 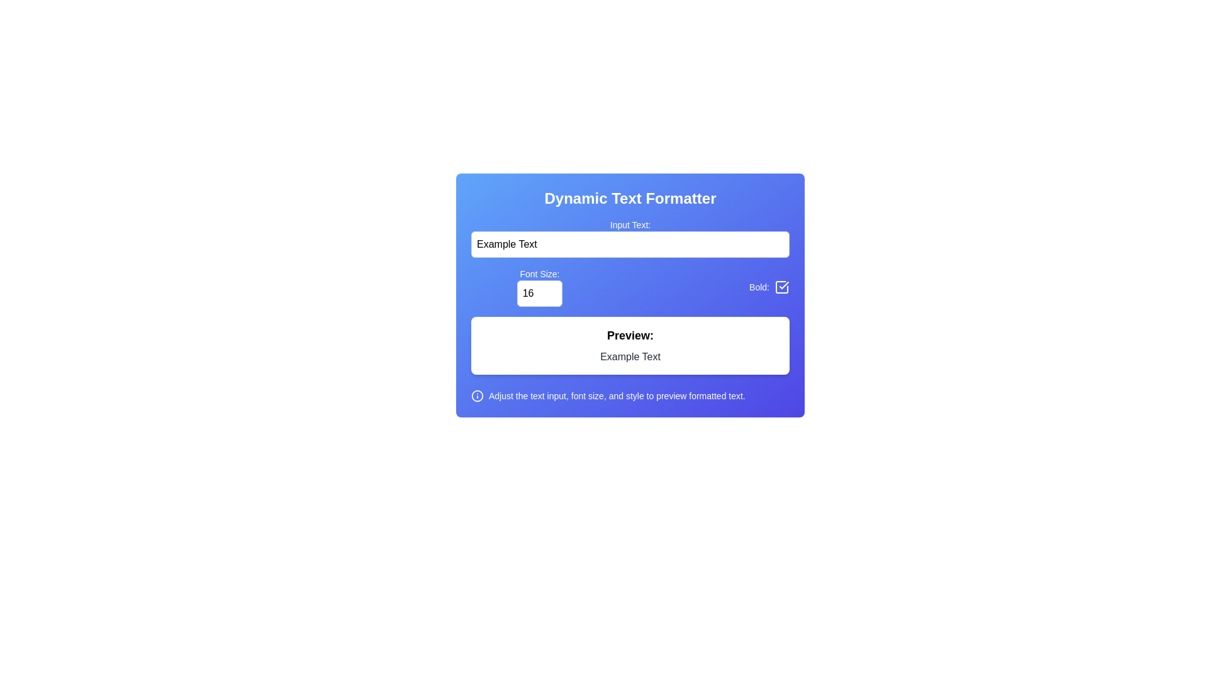 I want to click on the circular vector graphic located in the bottom-left corner of the interface, near the descriptive text label, so click(x=476, y=395).